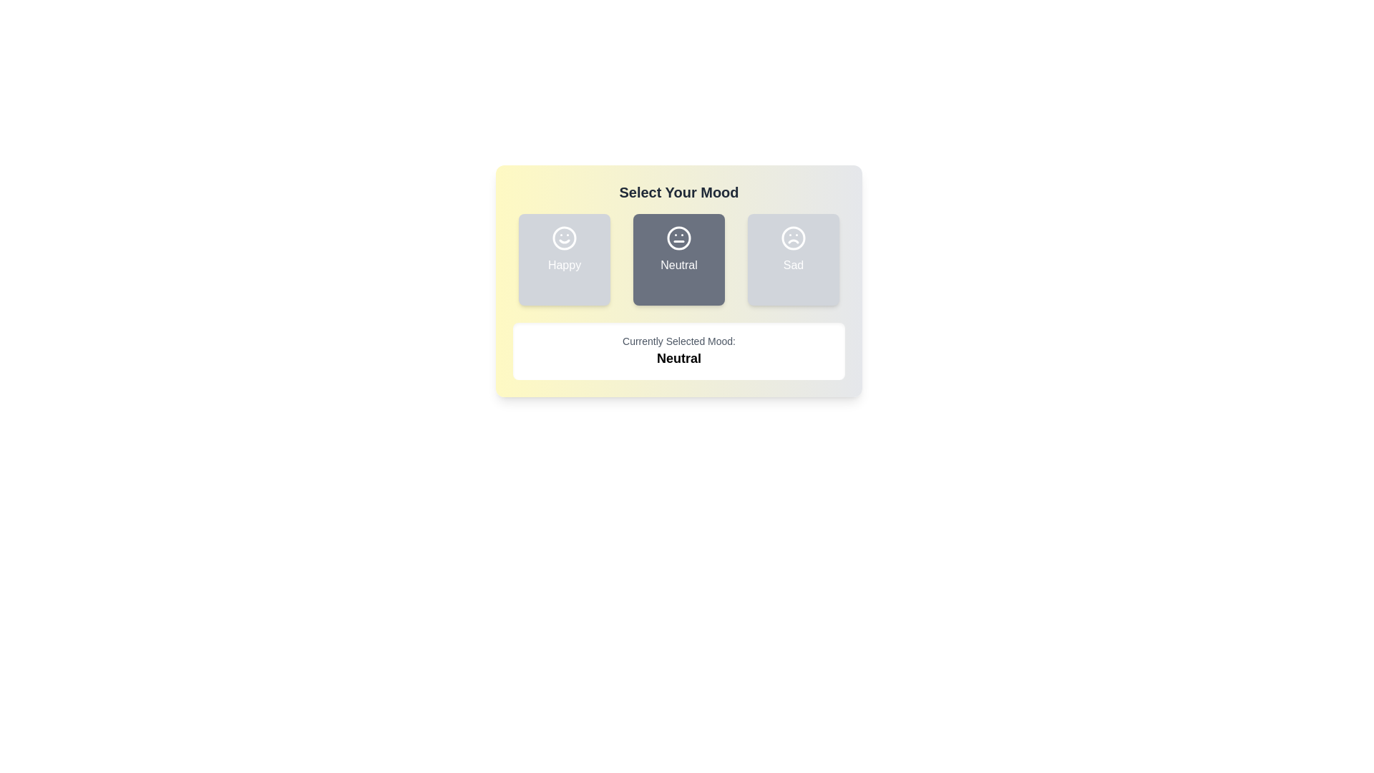 The width and height of the screenshot is (1374, 773). I want to click on the mood Sad by clicking its corresponding button, so click(792, 259).